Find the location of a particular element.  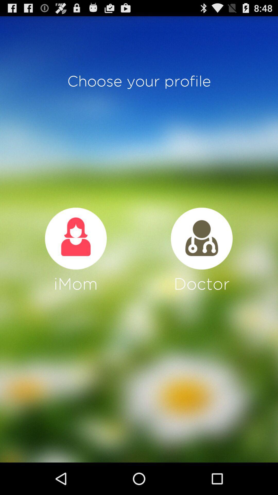

choose the doctor profile is located at coordinates (201, 238).